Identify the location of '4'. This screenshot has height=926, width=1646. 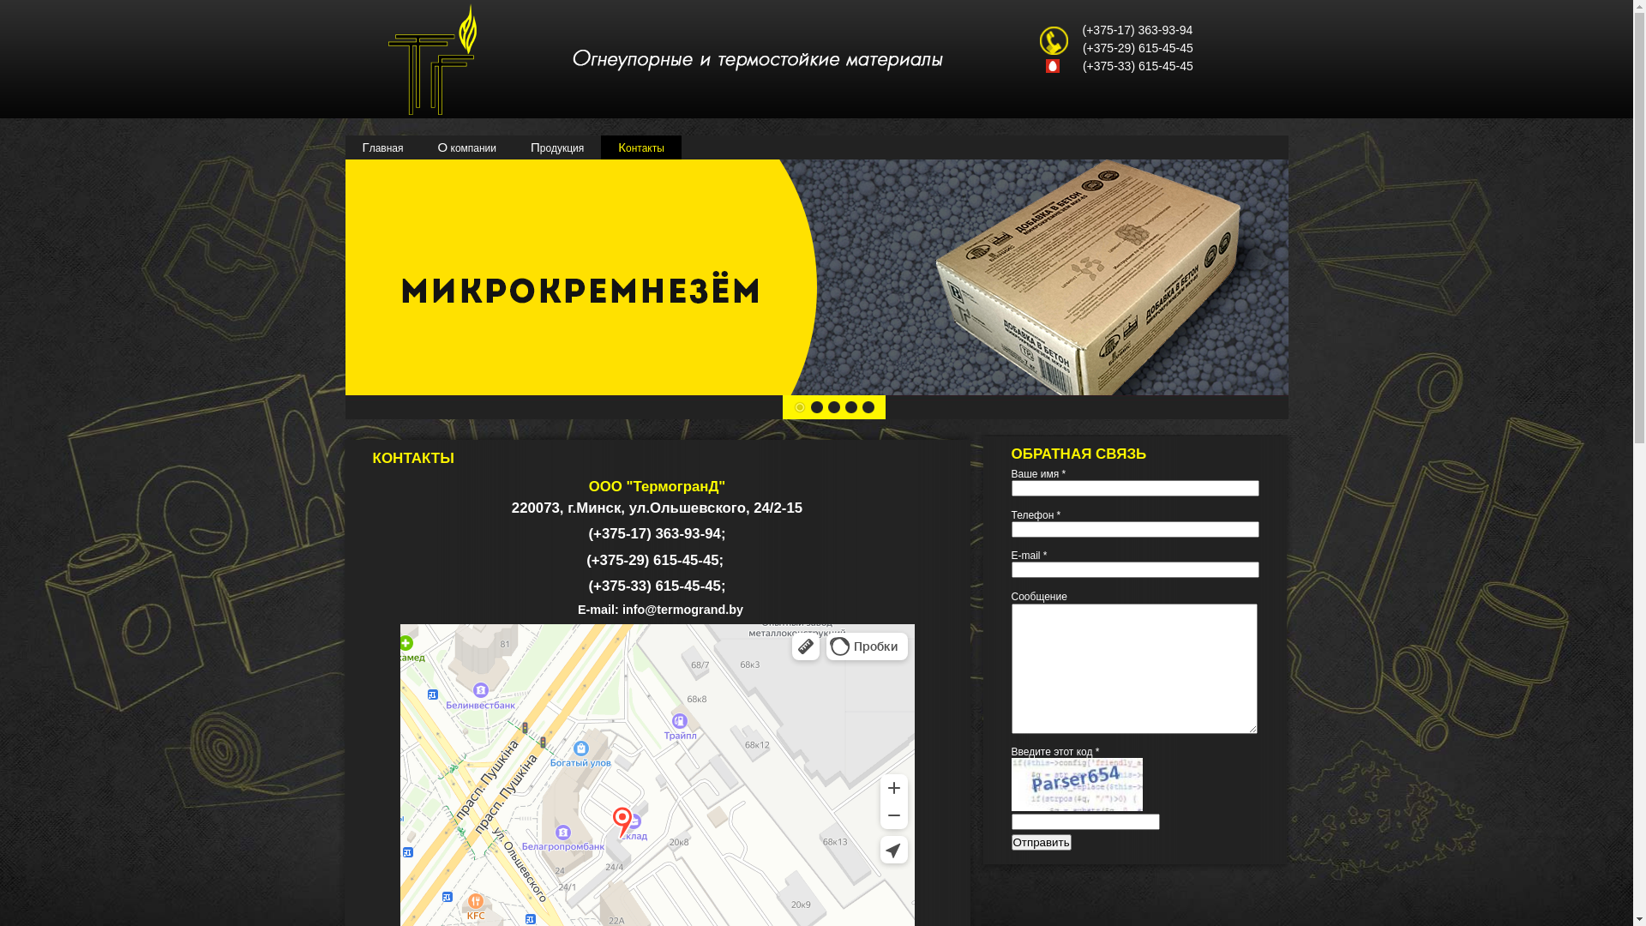
(850, 406).